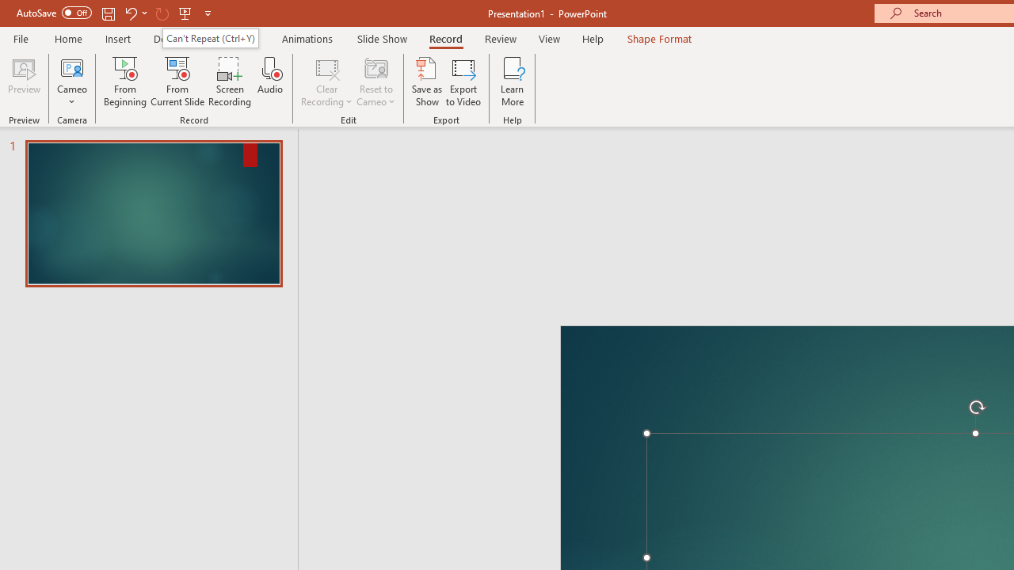 The height and width of the screenshot is (570, 1014). I want to click on 'Learn More', so click(513, 82).